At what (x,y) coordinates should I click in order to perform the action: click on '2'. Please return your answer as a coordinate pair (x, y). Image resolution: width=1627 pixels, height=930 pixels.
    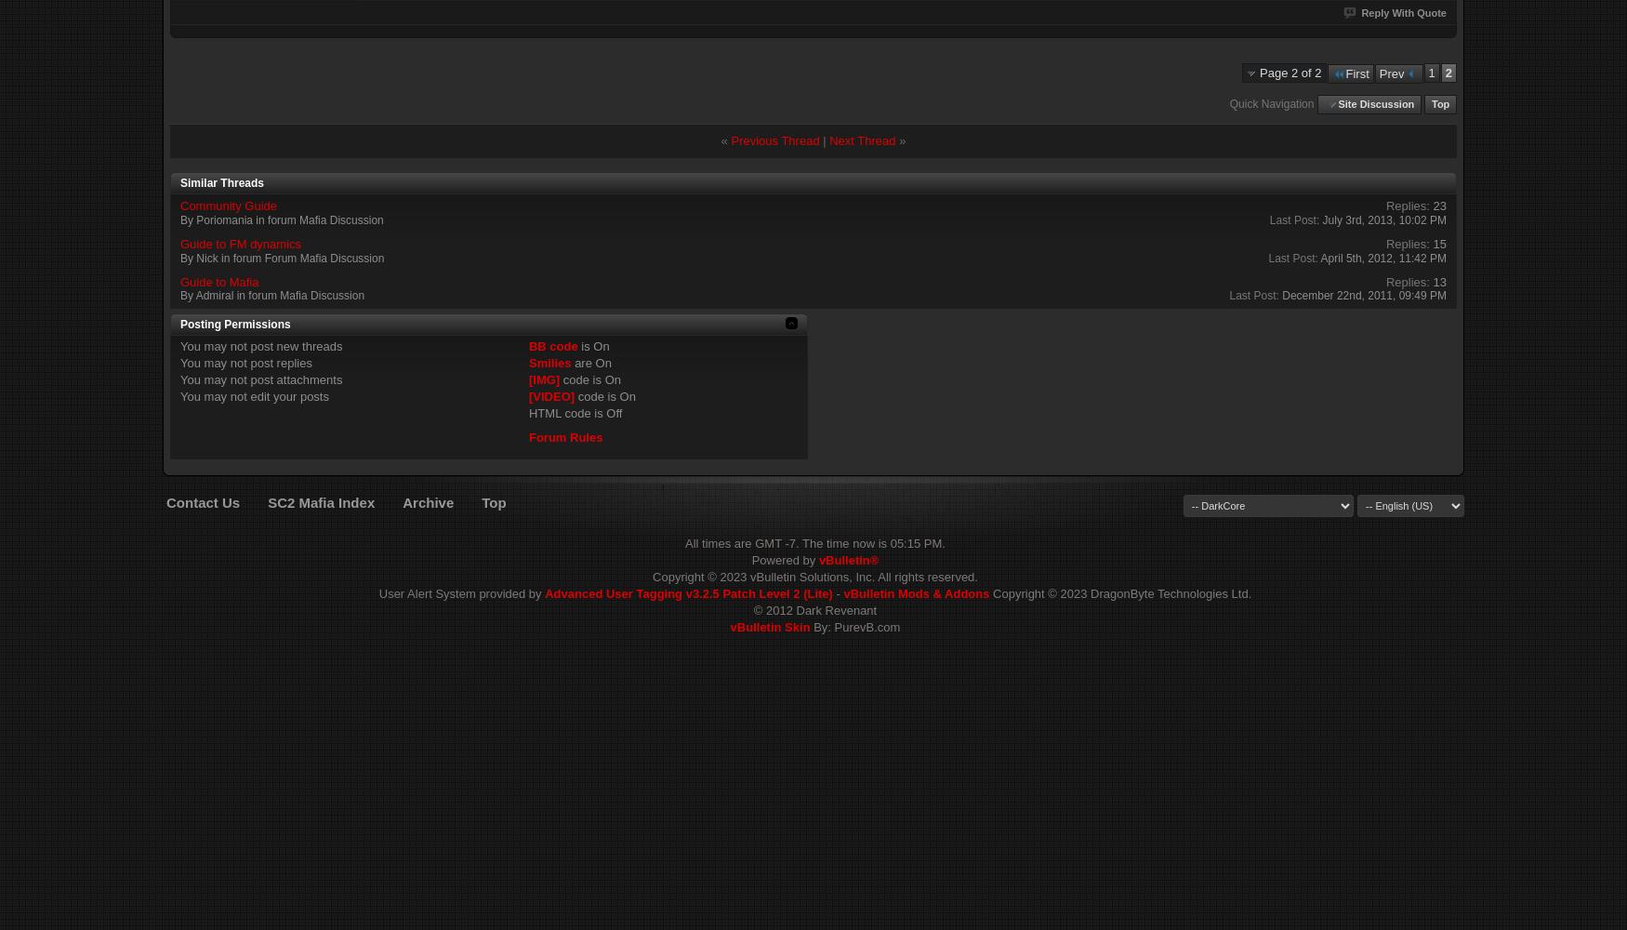
    Looking at the image, I should click on (1448, 72).